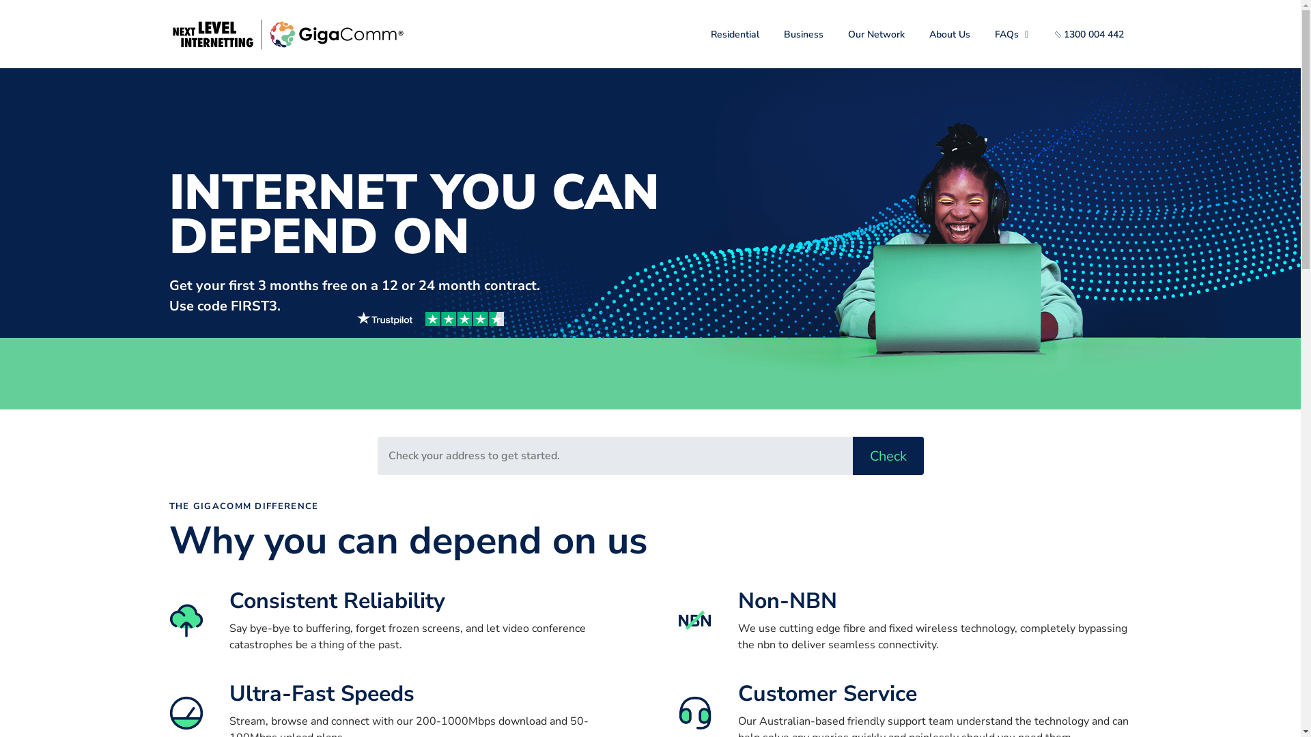 This screenshot has width=1311, height=737. I want to click on 'Our Network', so click(876, 33).